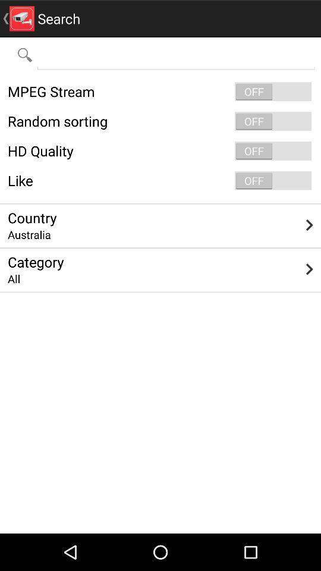 This screenshot has width=321, height=571. I want to click on the app below search icon, so click(175, 54).